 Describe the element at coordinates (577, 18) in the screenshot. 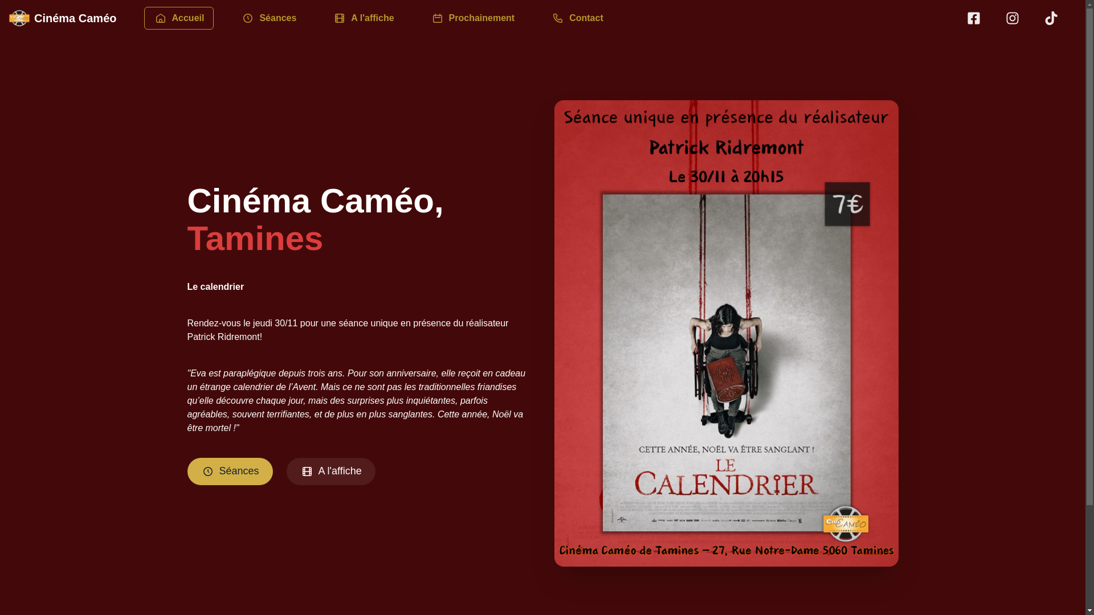

I see `'Contact'` at that location.